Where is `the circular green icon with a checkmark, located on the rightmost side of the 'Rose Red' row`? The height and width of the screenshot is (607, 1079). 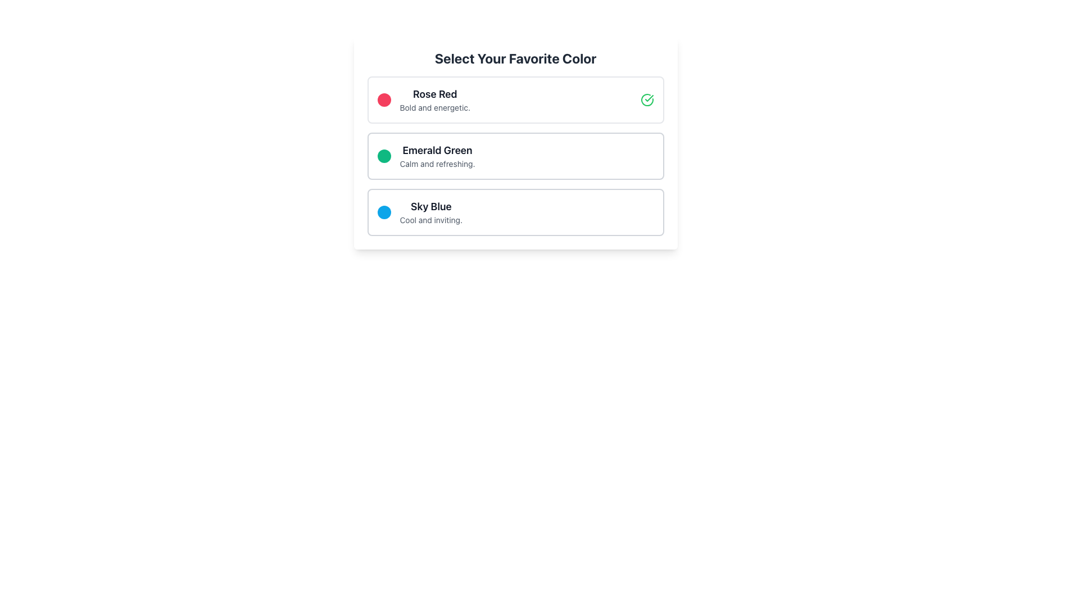 the circular green icon with a checkmark, located on the rightmost side of the 'Rose Red' row is located at coordinates (647, 99).